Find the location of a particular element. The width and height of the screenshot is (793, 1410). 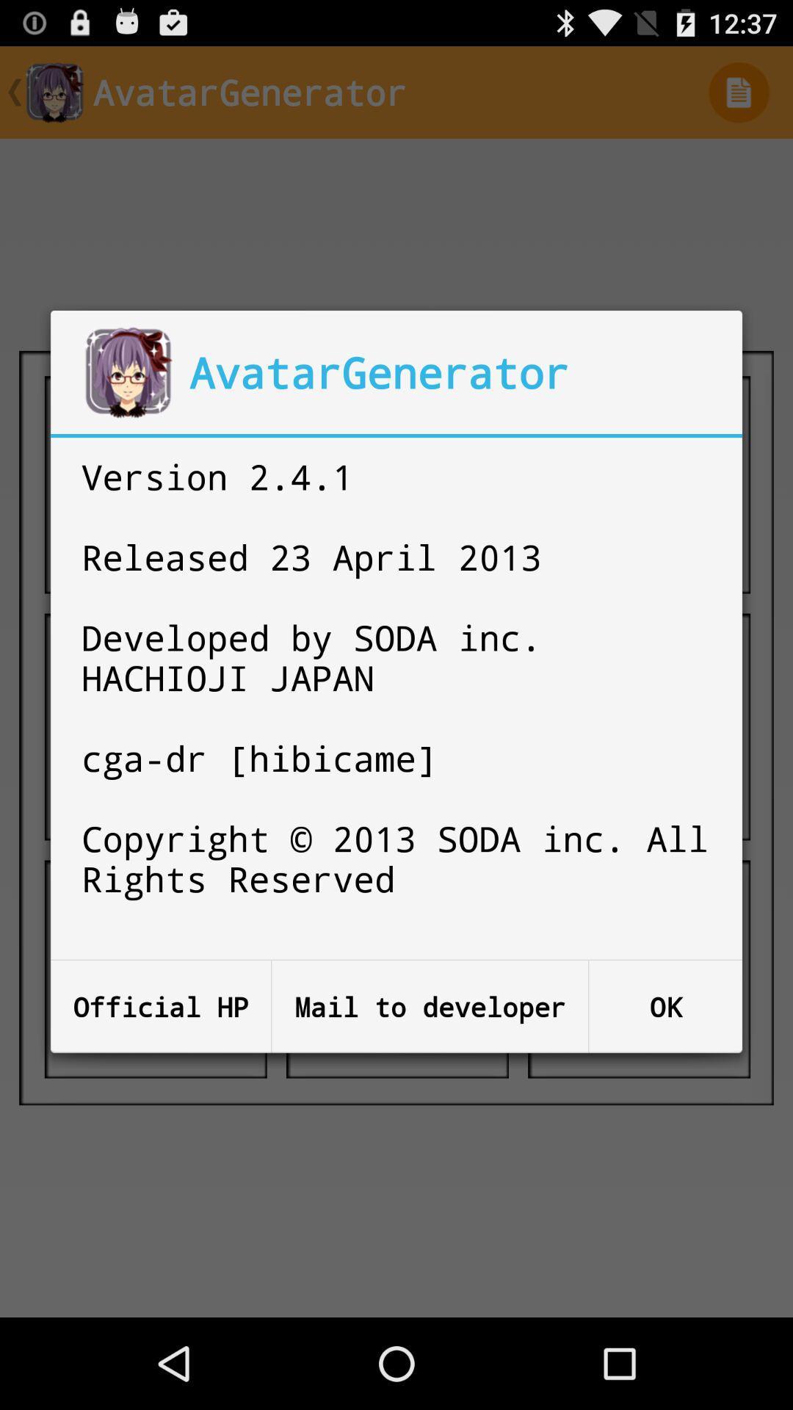

the official hp is located at coordinates (161, 1006).